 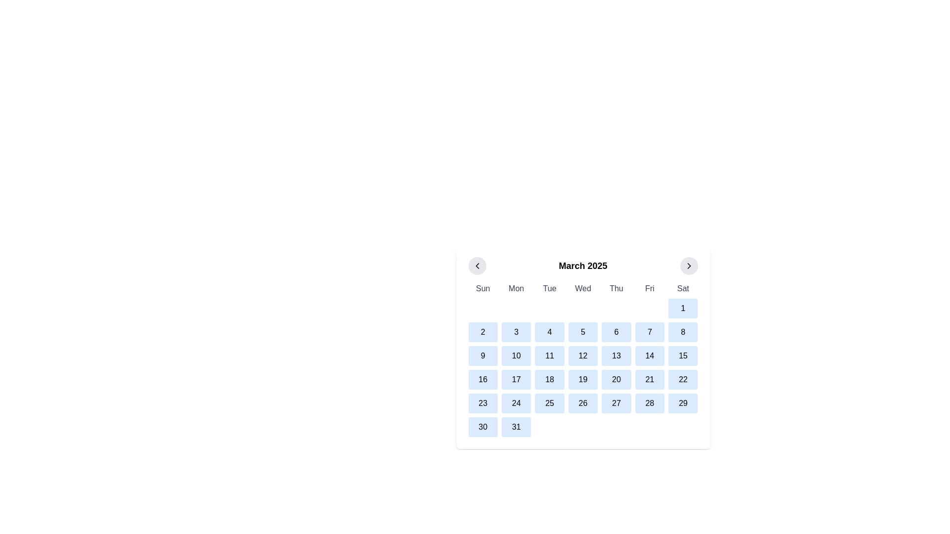 What do you see at coordinates (650, 403) in the screenshot?
I see `keyboard navigation` at bounding box center [650, 403].